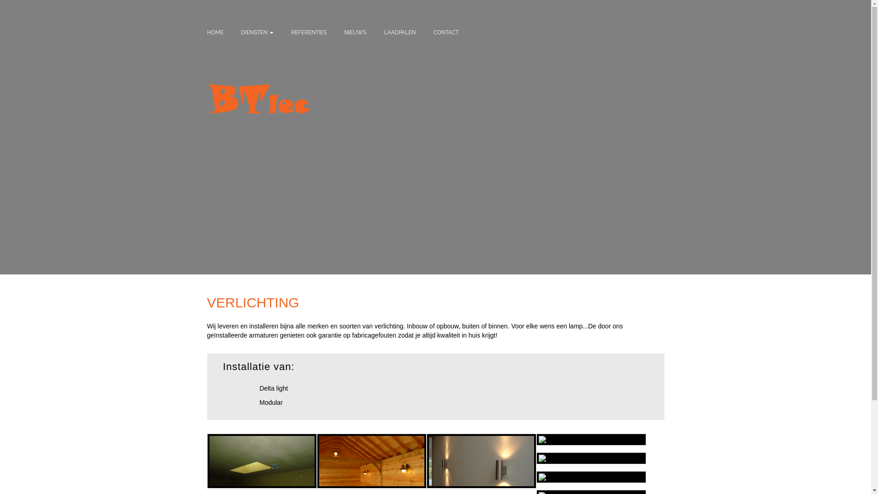  What do you see at coordinates (274, 388) in the screenshot?
I see `'Delta light'` at bounding box center [274, 388].